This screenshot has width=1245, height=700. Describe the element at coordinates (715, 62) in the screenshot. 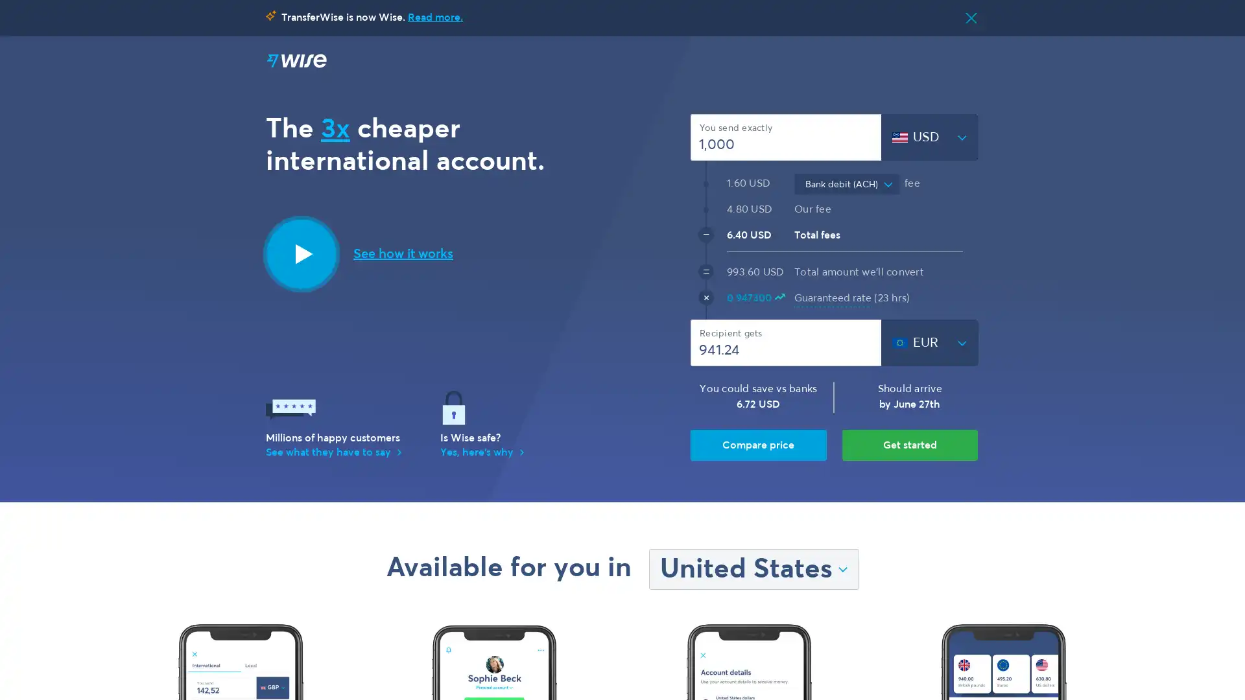

I see `Features` at that location.